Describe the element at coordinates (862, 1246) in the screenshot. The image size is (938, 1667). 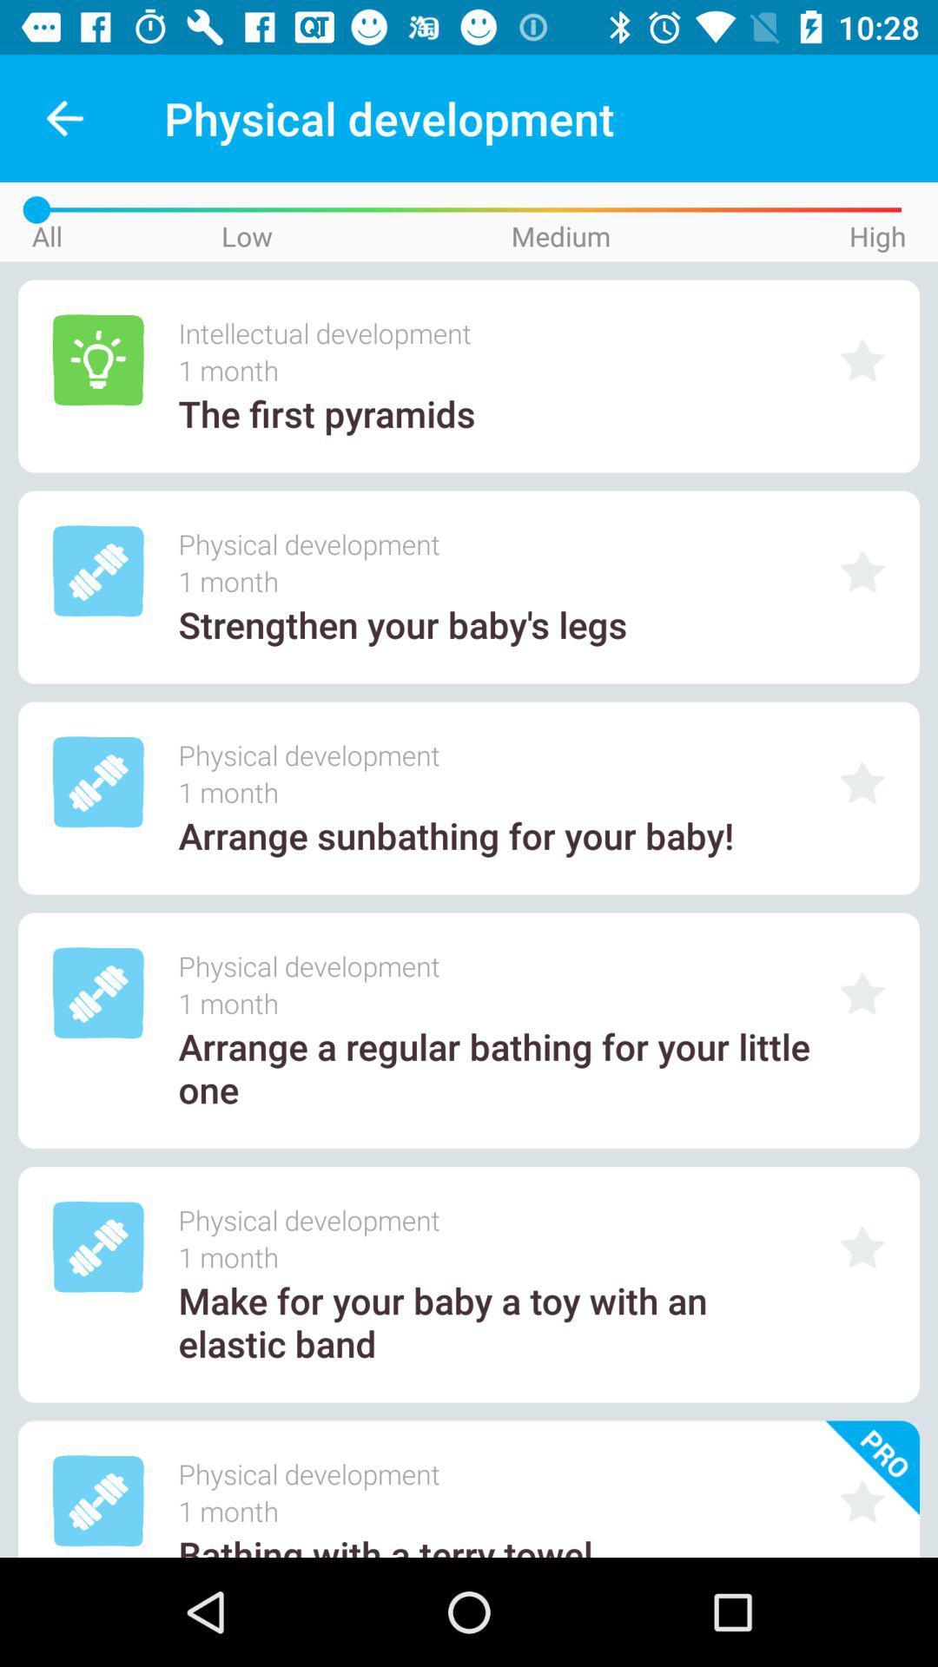
I see `set to high priority` at that location.